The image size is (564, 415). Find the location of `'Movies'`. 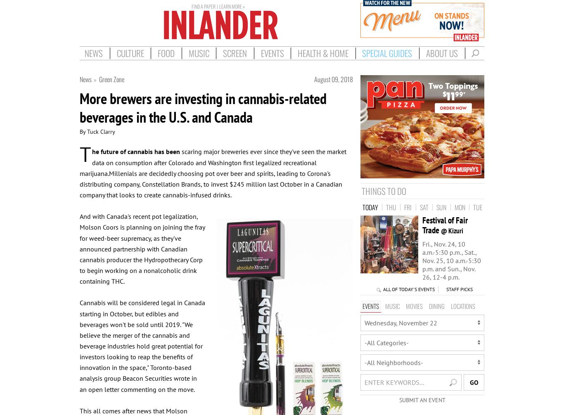

'Movies' is located at coordinates (414, 305).